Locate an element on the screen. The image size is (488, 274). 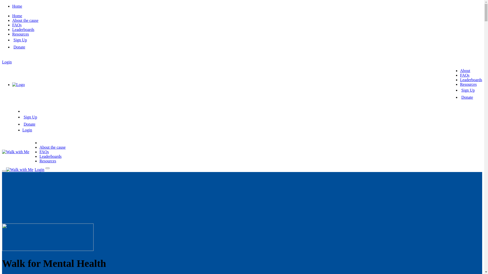
'Logo' is located at coordinates (18, 84).